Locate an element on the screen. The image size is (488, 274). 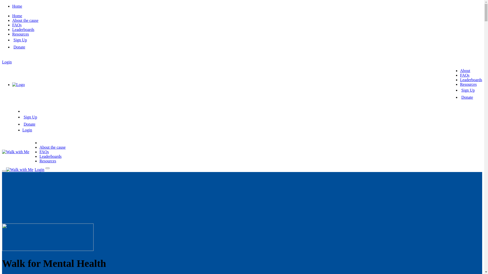
'Logo' is located at coordinates (18, 84).